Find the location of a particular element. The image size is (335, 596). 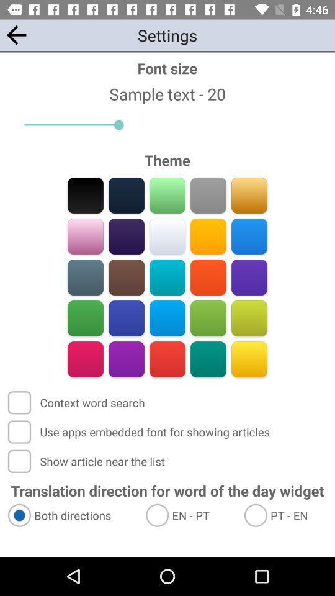

and select color option is located at coordinates (85, 236).